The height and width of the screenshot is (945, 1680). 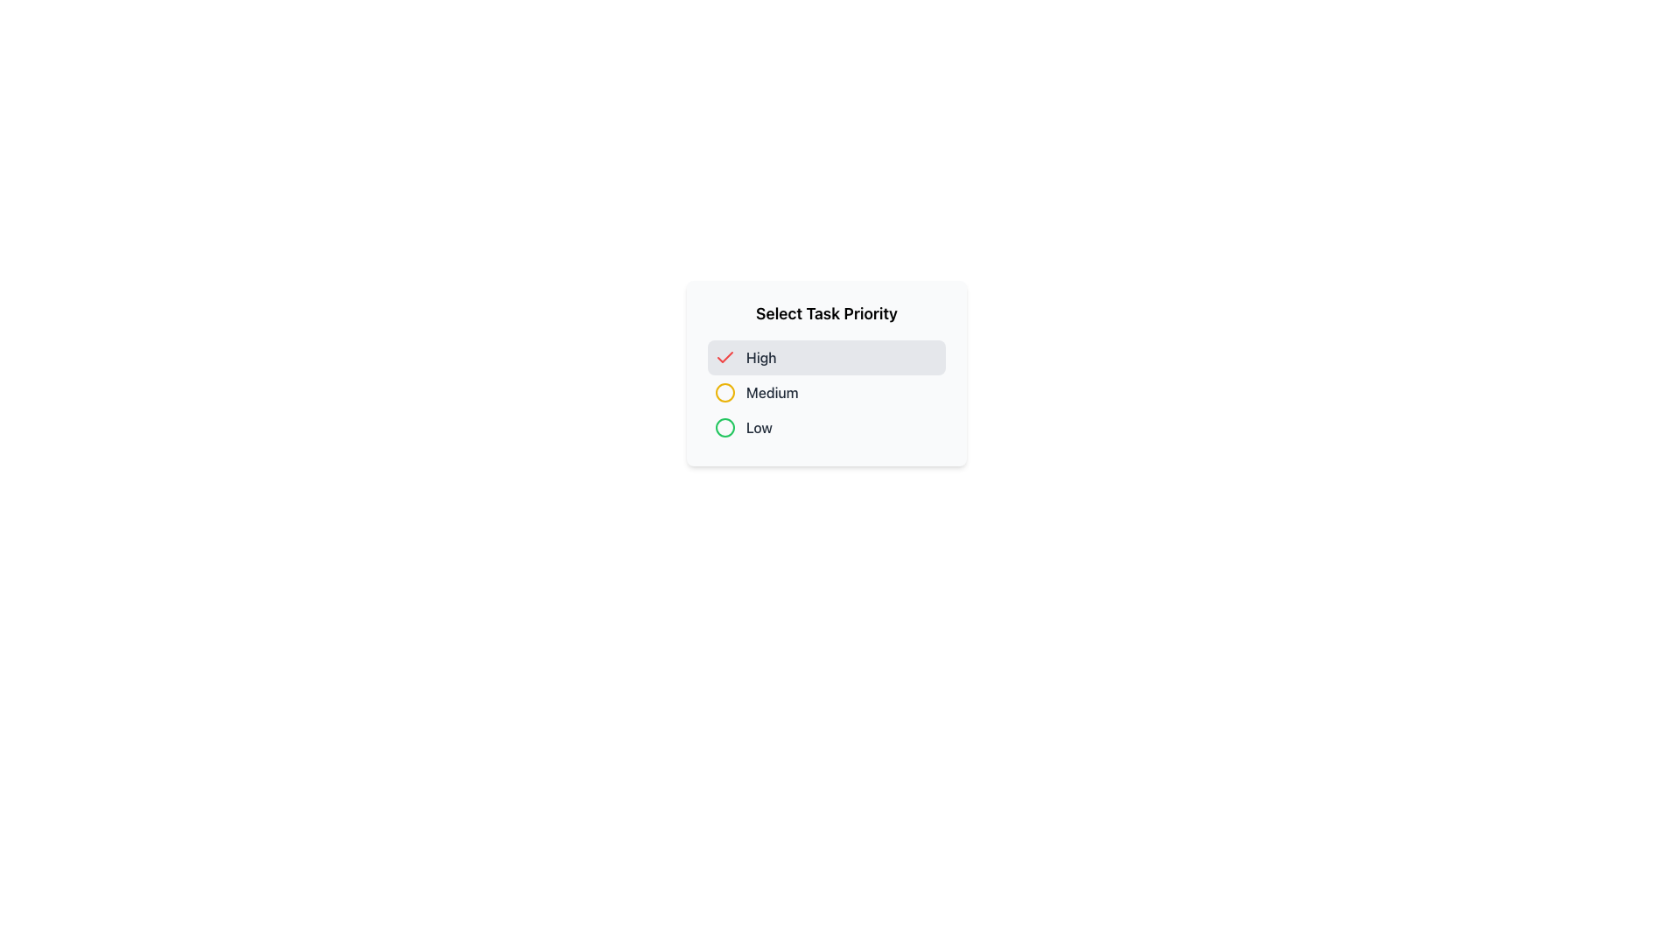 I want to click on the 'High' priority text label, which is located to the right of a red checkmark icon in the task priority options, so click(x=761, y=356).